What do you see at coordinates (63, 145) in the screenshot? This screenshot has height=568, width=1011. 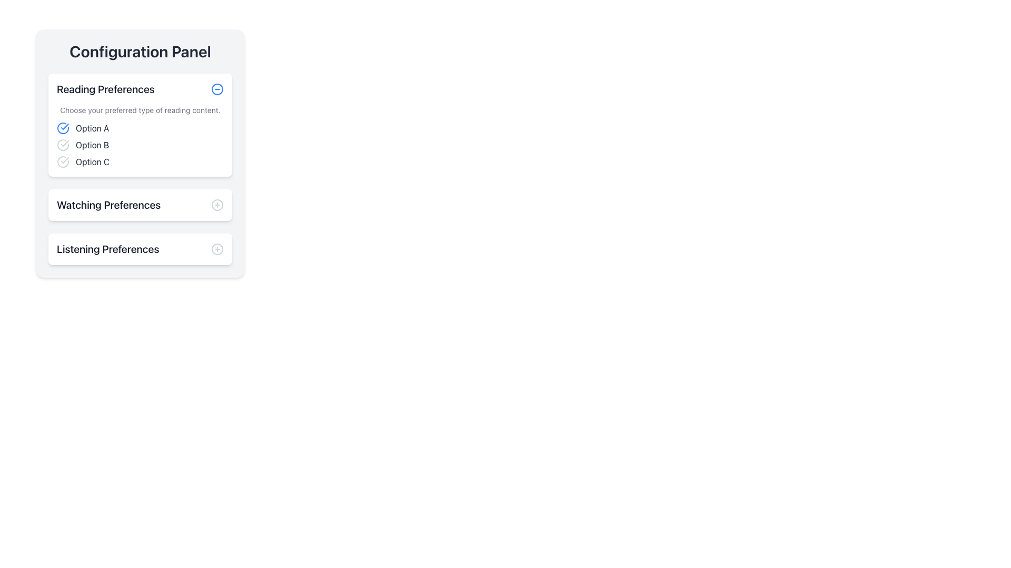 I see `the circular checkmark icon that indicates the selection status of 'Option B' in the 'Reading Preferences' section` at bounding box center [63, 145].